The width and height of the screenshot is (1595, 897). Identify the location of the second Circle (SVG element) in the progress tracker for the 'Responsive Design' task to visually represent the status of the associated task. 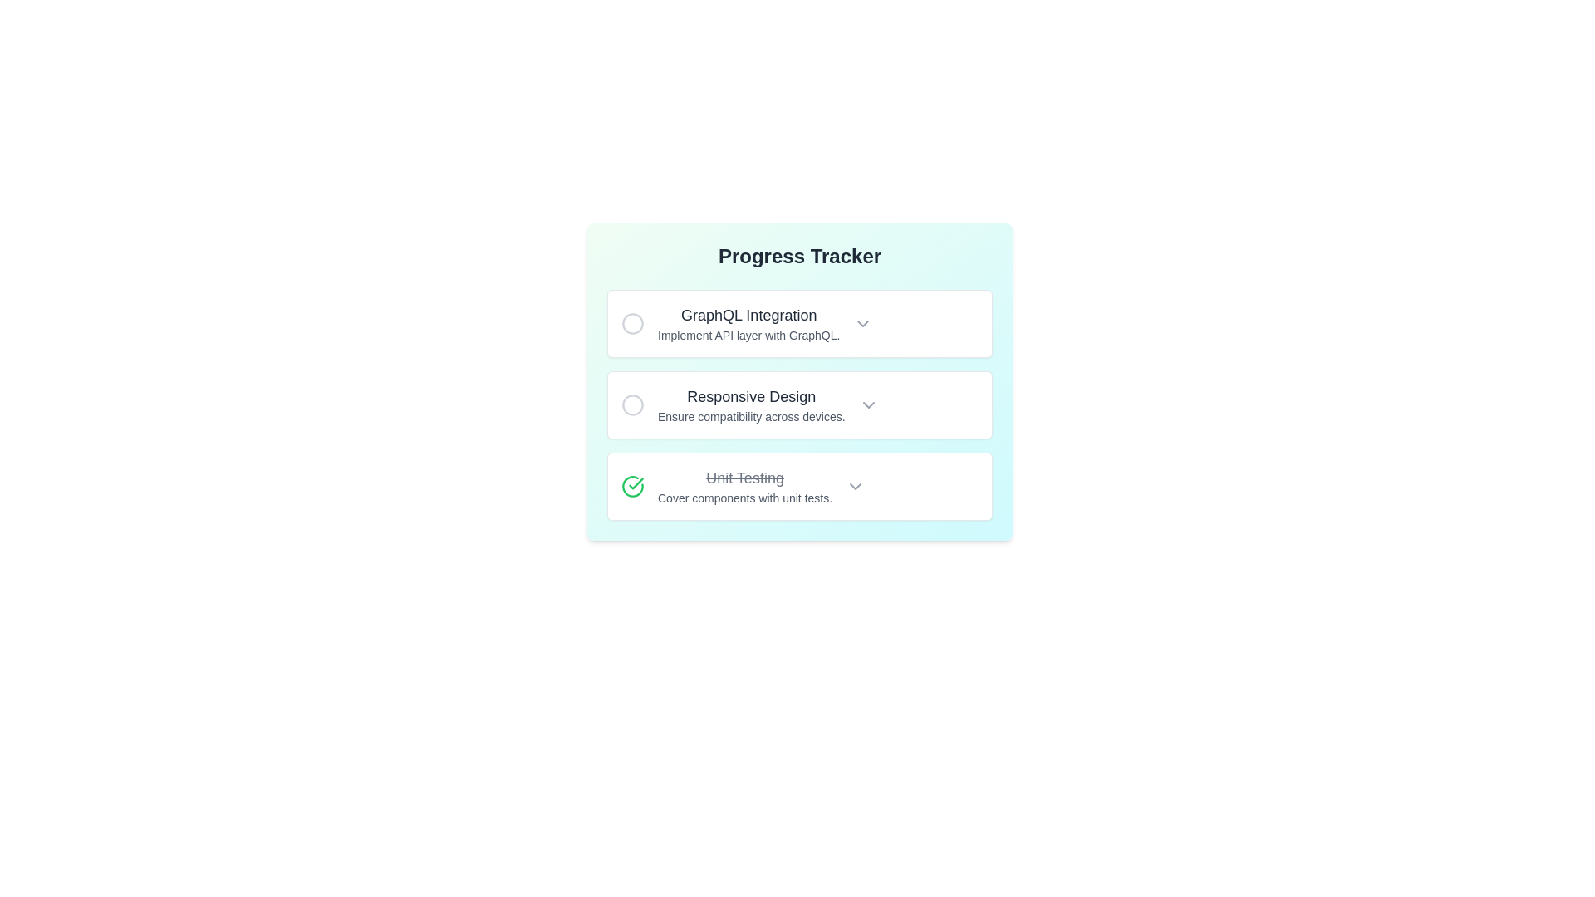
(632, 405).